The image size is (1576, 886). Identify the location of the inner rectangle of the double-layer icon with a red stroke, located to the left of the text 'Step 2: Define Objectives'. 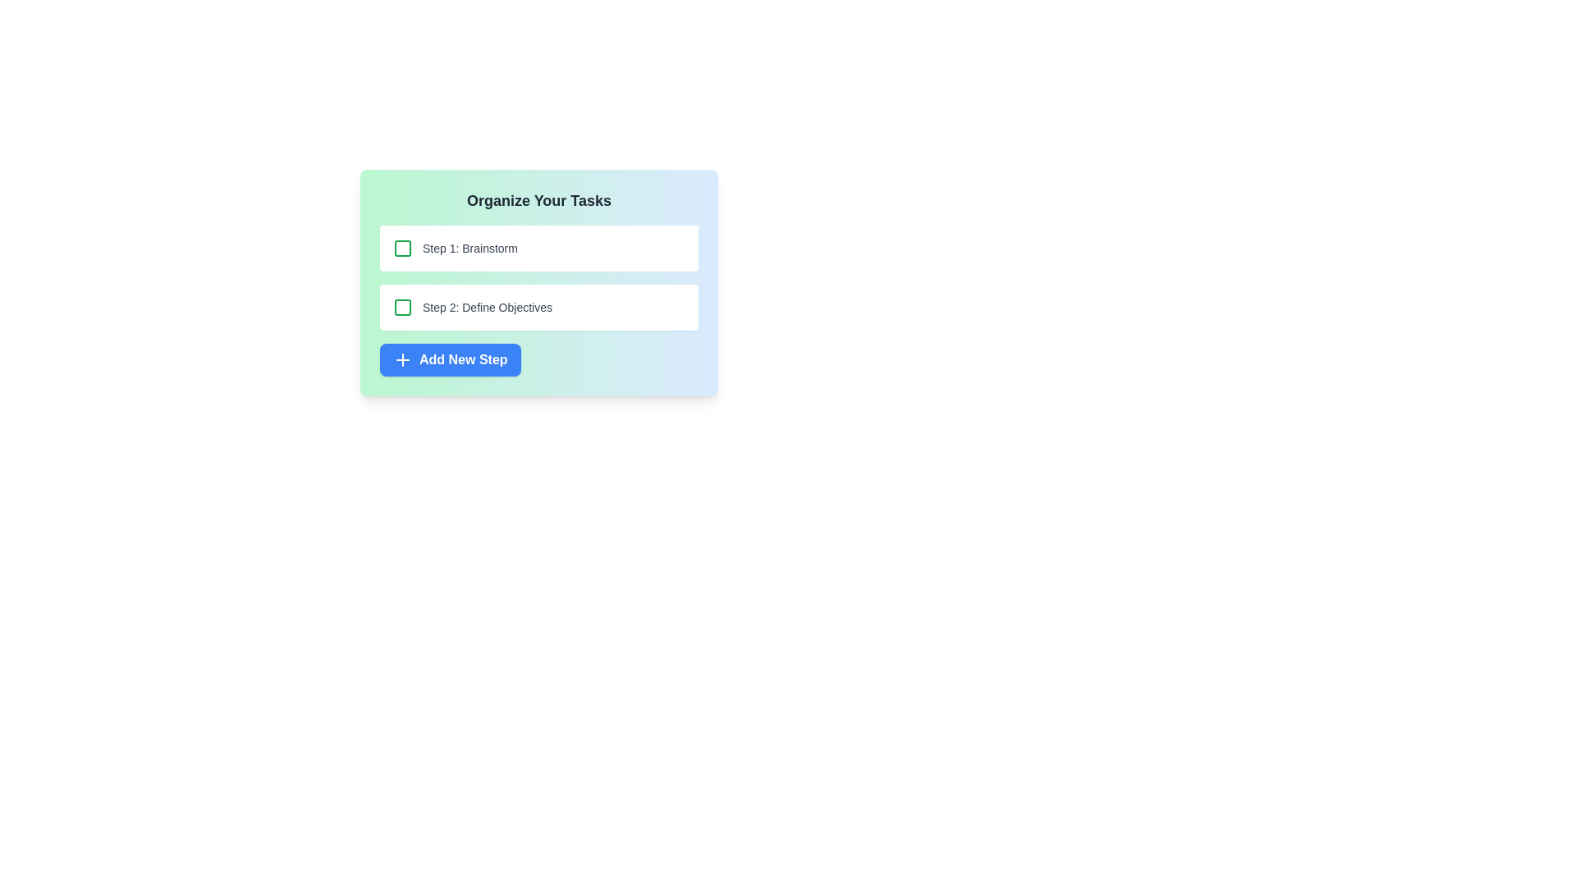
(402, 307).